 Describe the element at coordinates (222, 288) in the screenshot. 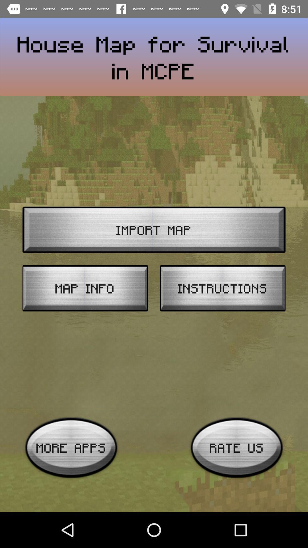

I see `the item above the rate us item` at that location.